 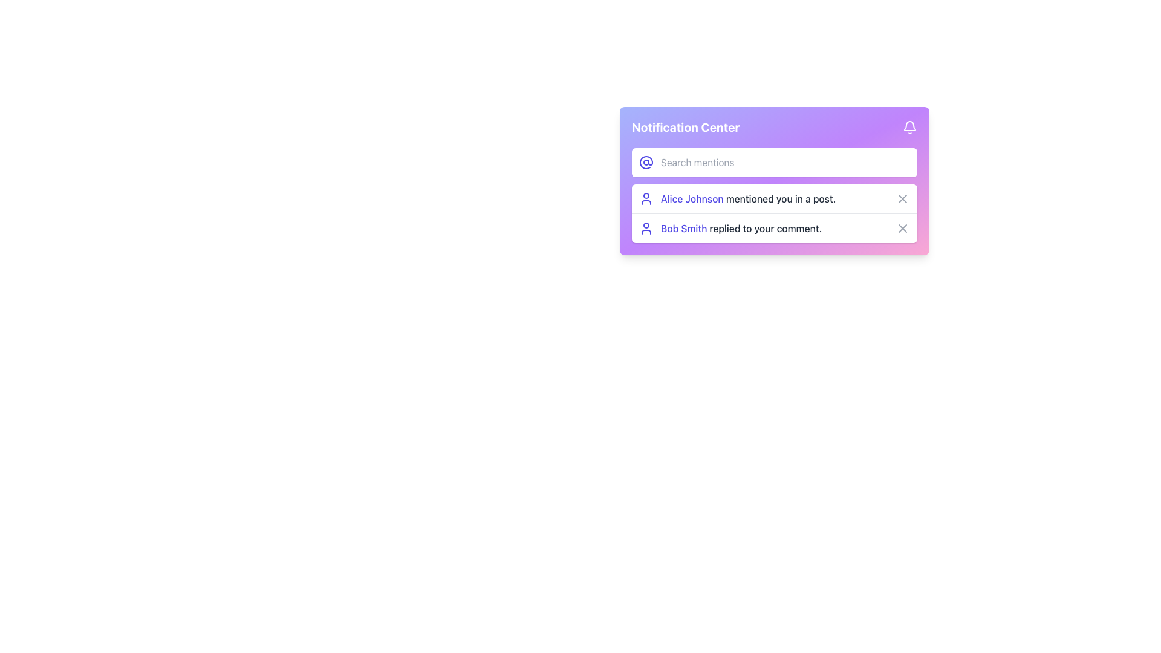 I want to click on the content of the Text Display (Notification) that reads 'Alice Johnson mentioned you in a post. Bob Smith replied to your comment.', so click(x=775, y=195).